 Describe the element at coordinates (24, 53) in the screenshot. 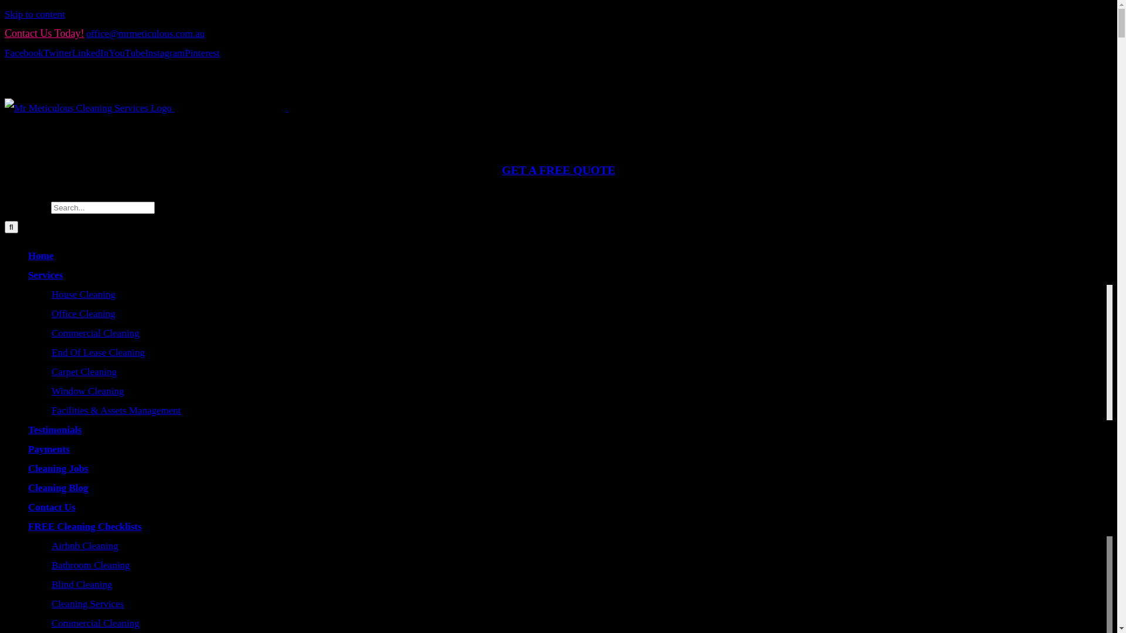

I see `'Facebook'` at that location.